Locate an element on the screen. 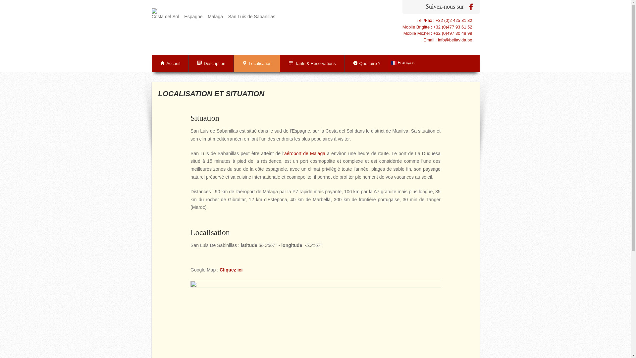 Image resolution: width=636 pixels, height=358 pixels. 'info@bellavida.be' is located at coordinates (454, 39).